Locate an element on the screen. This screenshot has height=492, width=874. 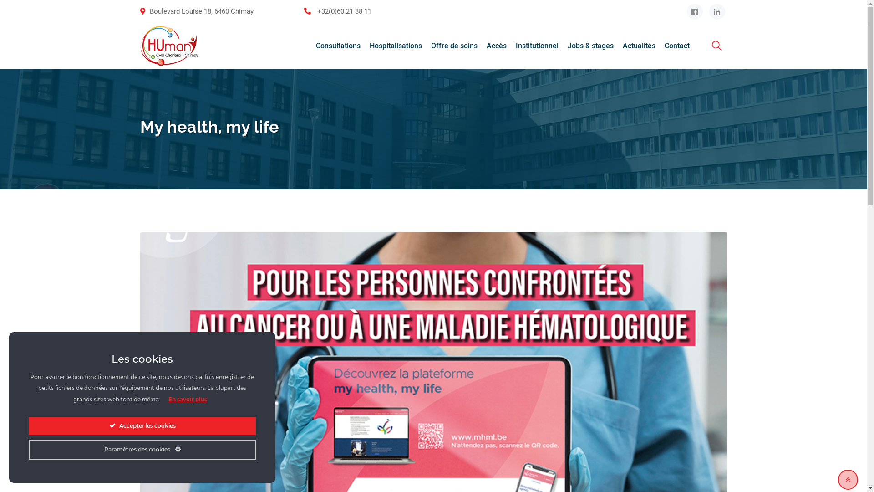
'Jobs & stages' is located at coordinates (563, 46).